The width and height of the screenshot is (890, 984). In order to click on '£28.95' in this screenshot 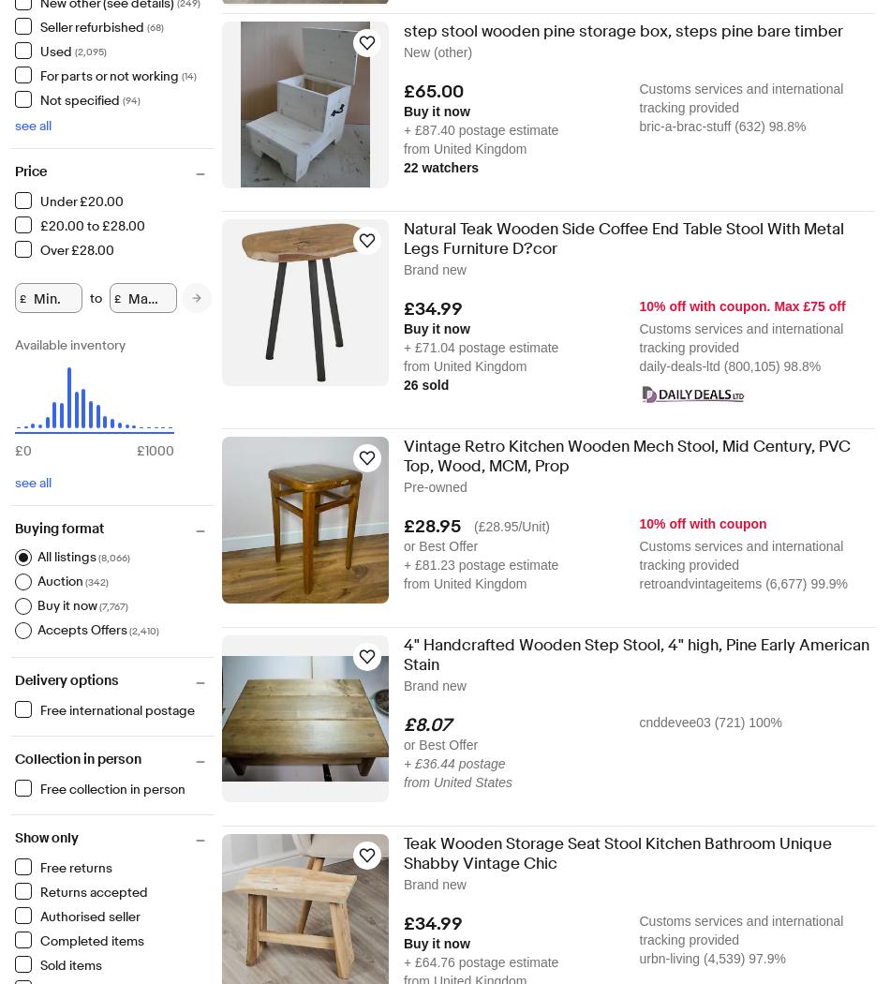, I will do `click(403, 526)`.